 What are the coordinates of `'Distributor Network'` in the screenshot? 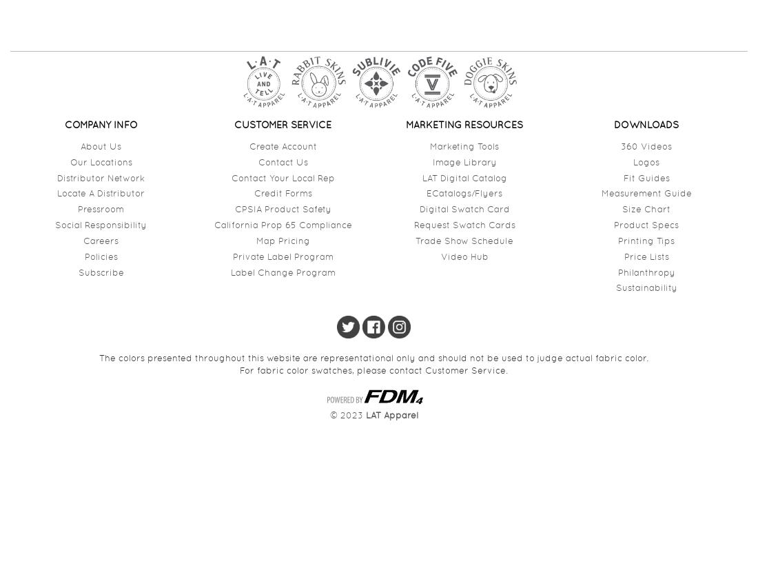 It's located at (100, 177).